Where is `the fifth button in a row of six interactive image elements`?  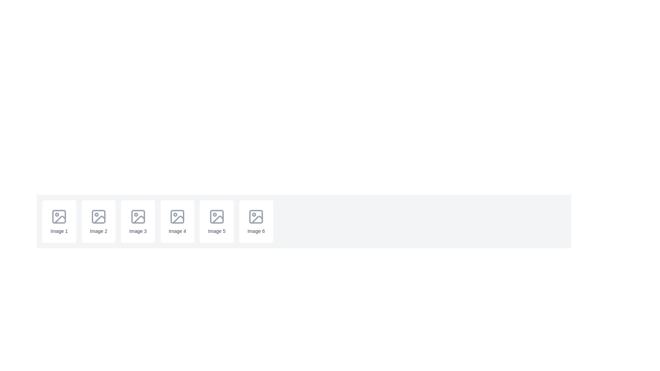 the fifth button in a row of six interactive image elements is located at coordinates (216, 221).